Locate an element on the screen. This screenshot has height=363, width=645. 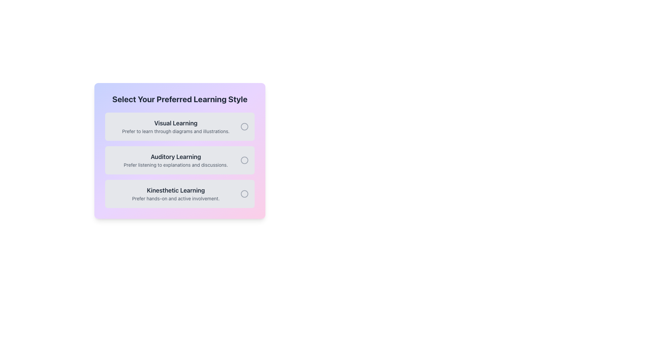
the textual element that describes the auditory learning style, which is the second option in a selection interface for learning styles is located at coordinates (176, 160).